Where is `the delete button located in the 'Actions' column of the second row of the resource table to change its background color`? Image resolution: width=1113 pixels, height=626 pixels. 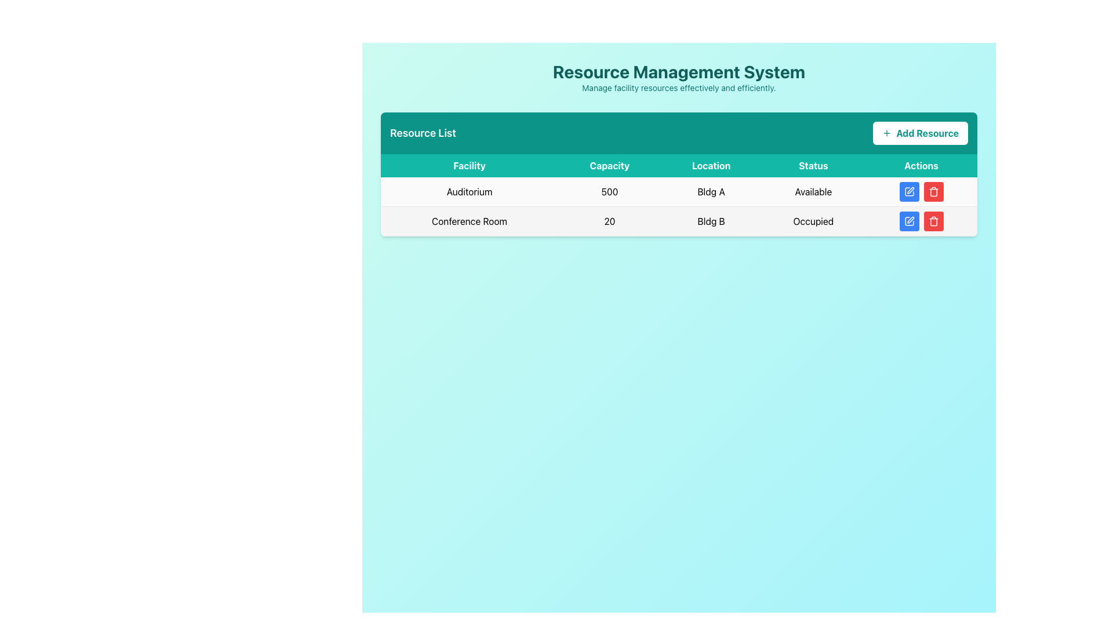
the delete button located in the 'Actions' column of the second row of the resource table to change its background color is located at coordinates (933, 221).